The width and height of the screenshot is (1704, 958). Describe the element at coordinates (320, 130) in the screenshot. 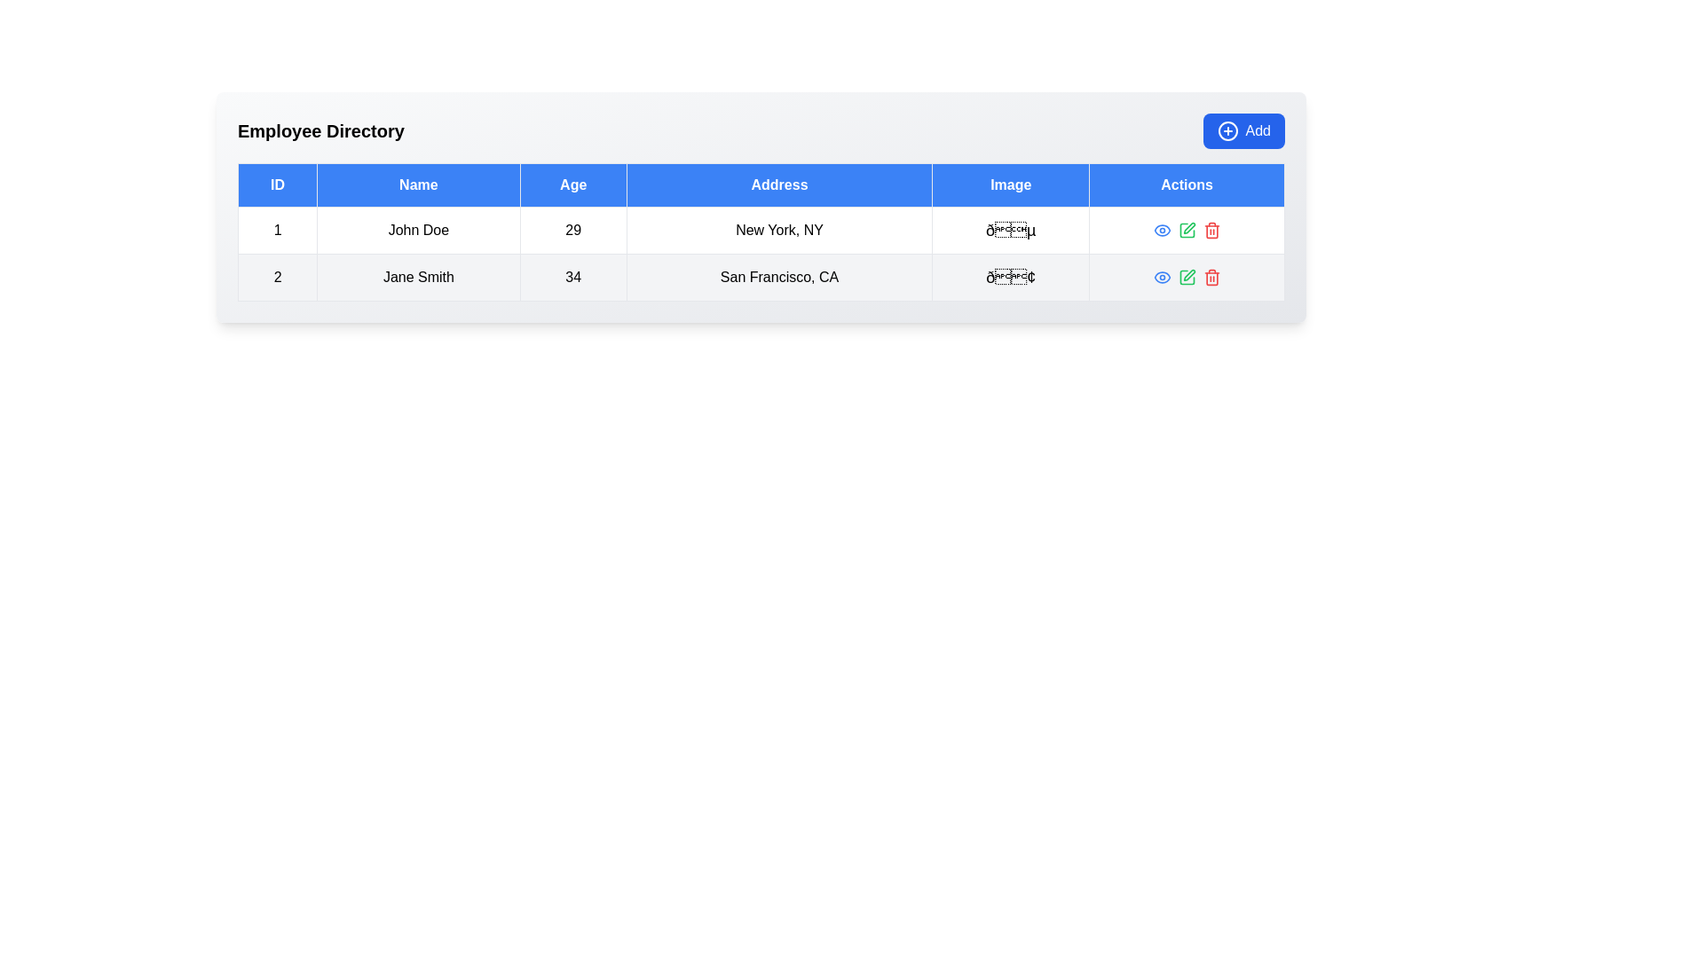

I see `the bold text label reading 'Employee Directory' at the top left of the interface` at that location.